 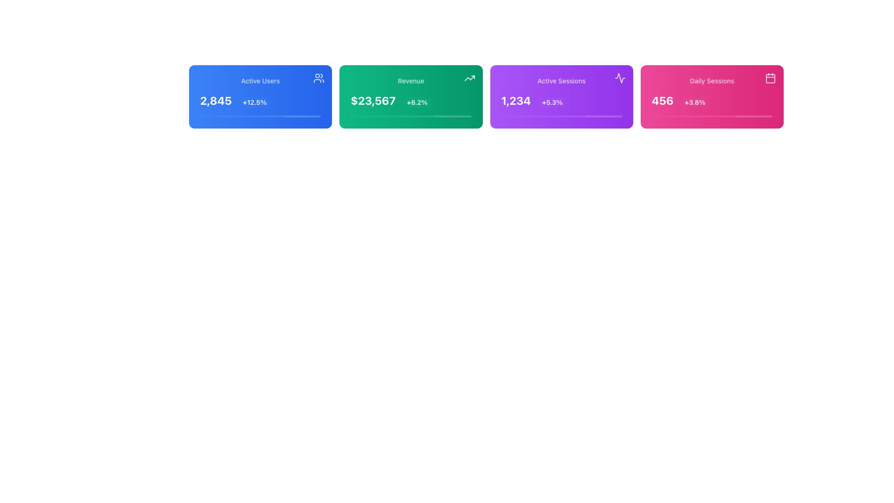 I want to click on progress bar indicating 'Active Users' located in the top left corner of the interface, horizontally centered in the lower third of the card, so click(x=242, y=116).